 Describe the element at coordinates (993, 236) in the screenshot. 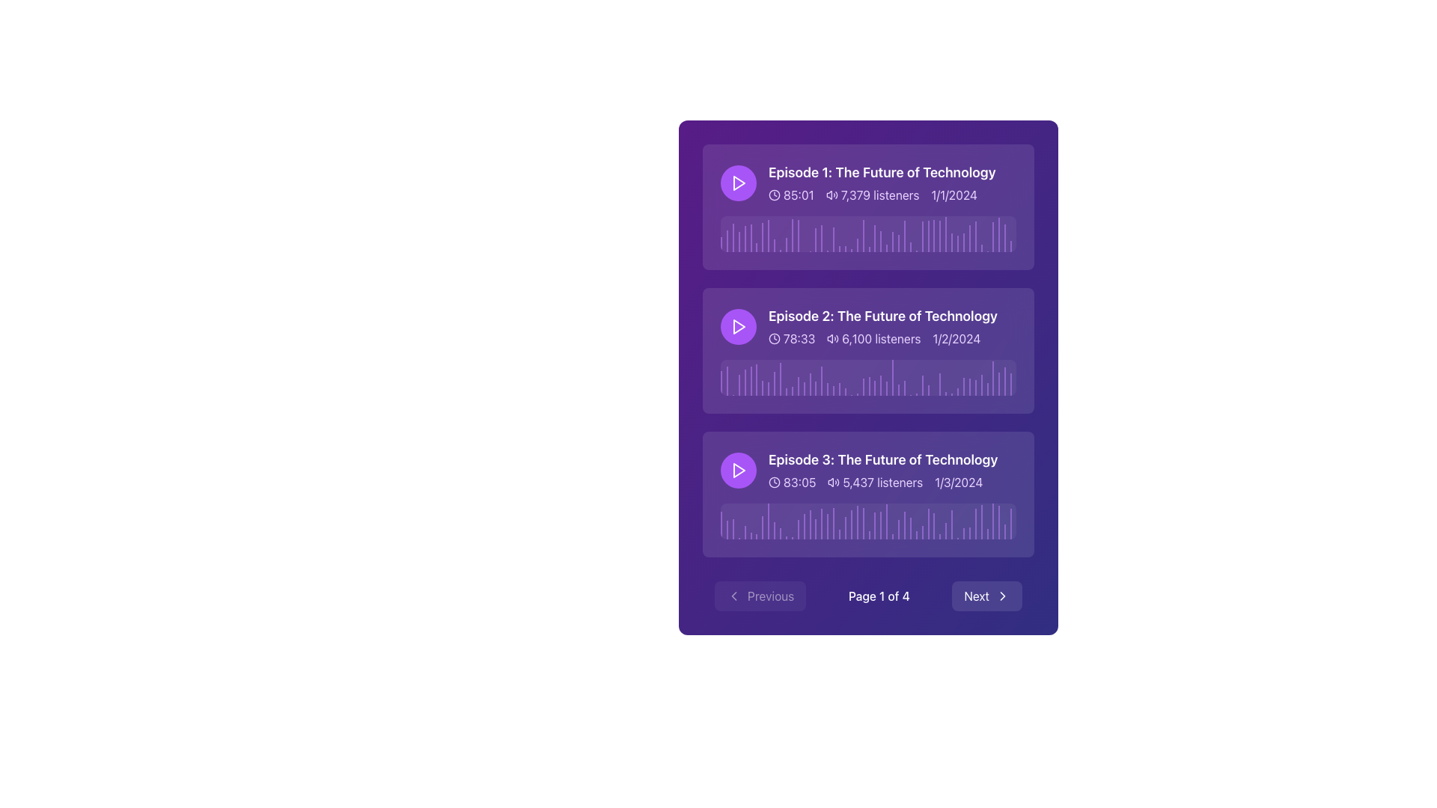

I see `the Marker Indicator in the Progress Bar for 'Episode 1: The Future of Technology', which is a thin vertical purple bar located towards the right end of the progress bar` at that location.